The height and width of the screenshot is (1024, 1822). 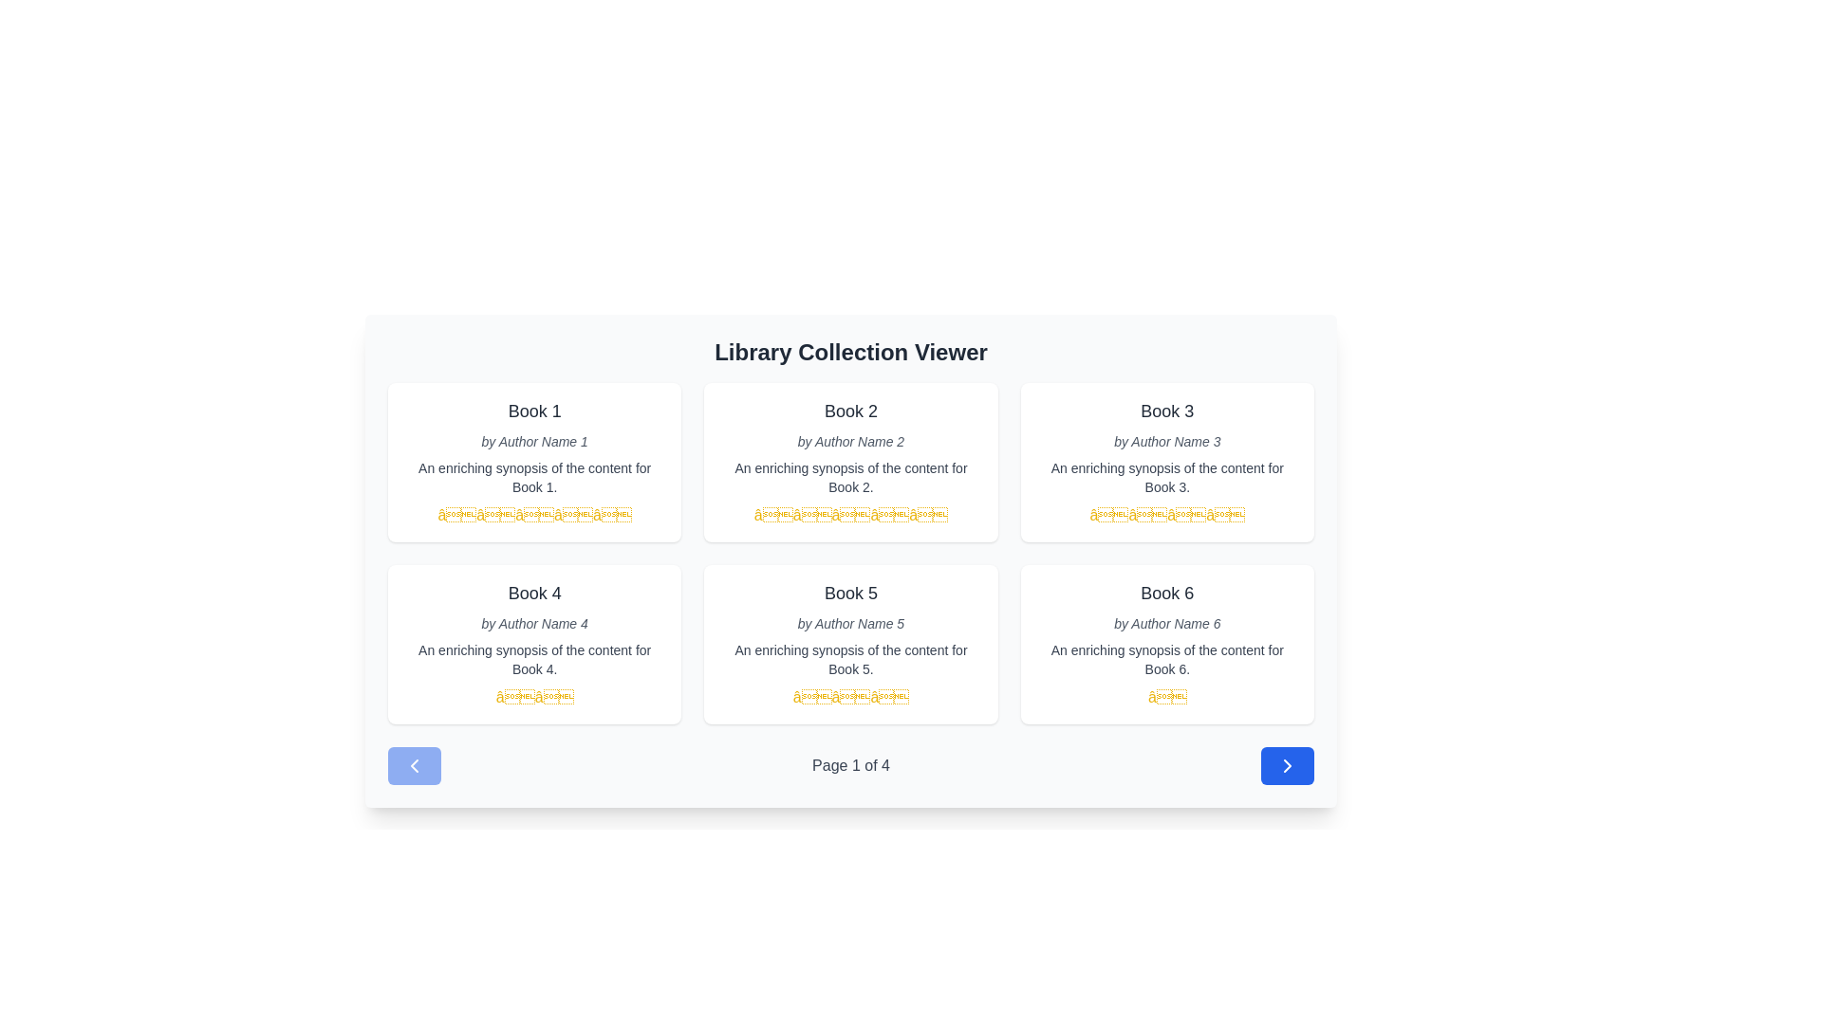 What do you see at coordinates (413, 764) in the screenshot?
I see `the left-pointing chevron icon, which is the leftmost element in the bottom navigation interface` at bounding box center [413, 764].